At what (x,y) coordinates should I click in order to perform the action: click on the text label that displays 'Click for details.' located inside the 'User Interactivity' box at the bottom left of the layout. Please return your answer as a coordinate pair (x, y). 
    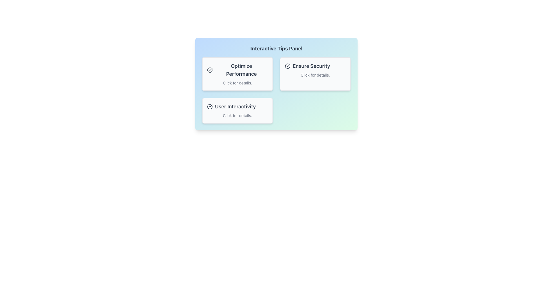
    Looking at the image, I should click on (238, 115).